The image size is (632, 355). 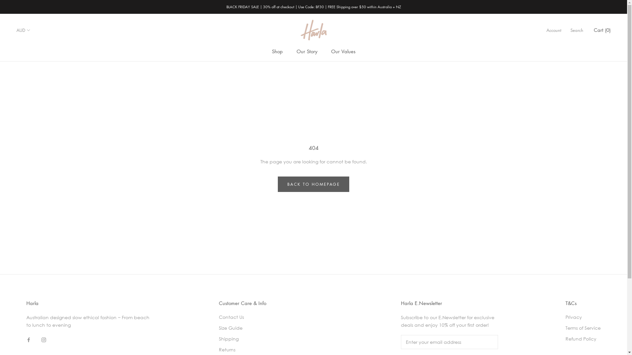 What do you see at coordinates (242, 328) in the screenshot?
I see `'Size Guide'` at bounding box center [242, 328].